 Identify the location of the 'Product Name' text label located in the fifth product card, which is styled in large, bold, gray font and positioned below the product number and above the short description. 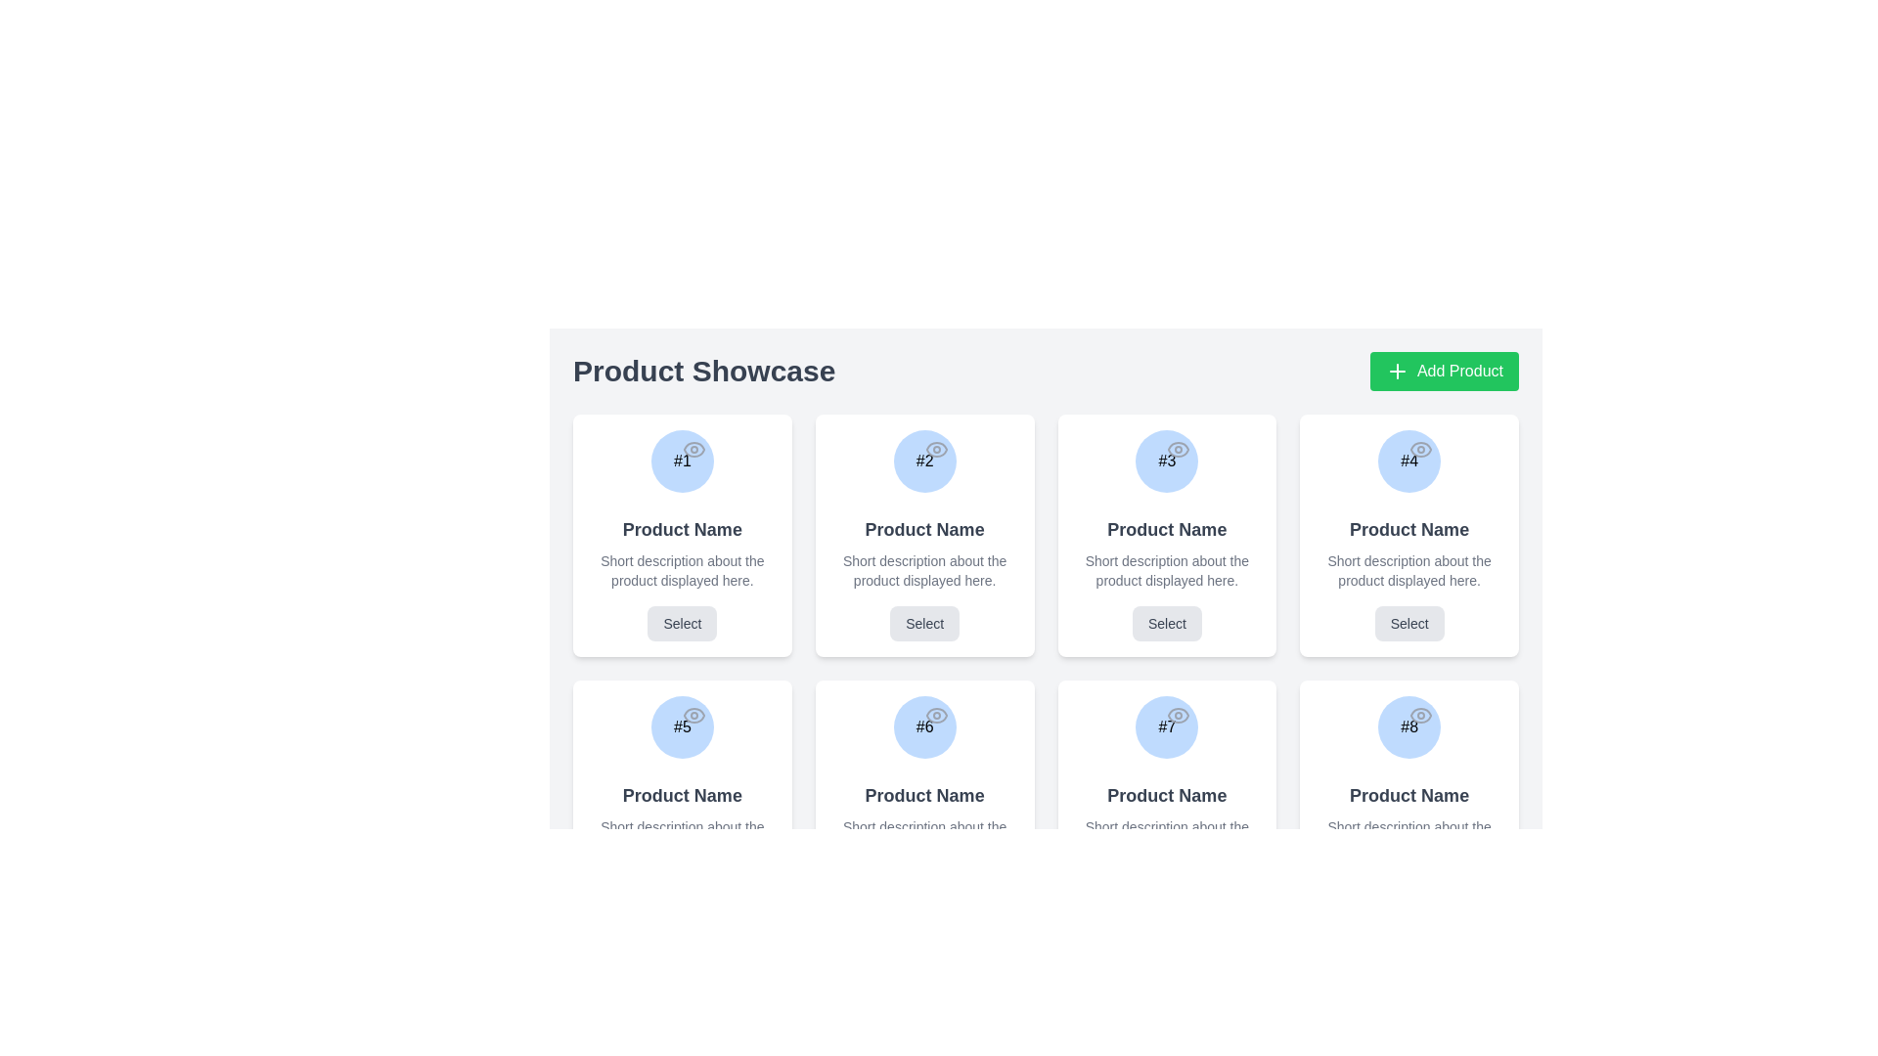
(682, 795).